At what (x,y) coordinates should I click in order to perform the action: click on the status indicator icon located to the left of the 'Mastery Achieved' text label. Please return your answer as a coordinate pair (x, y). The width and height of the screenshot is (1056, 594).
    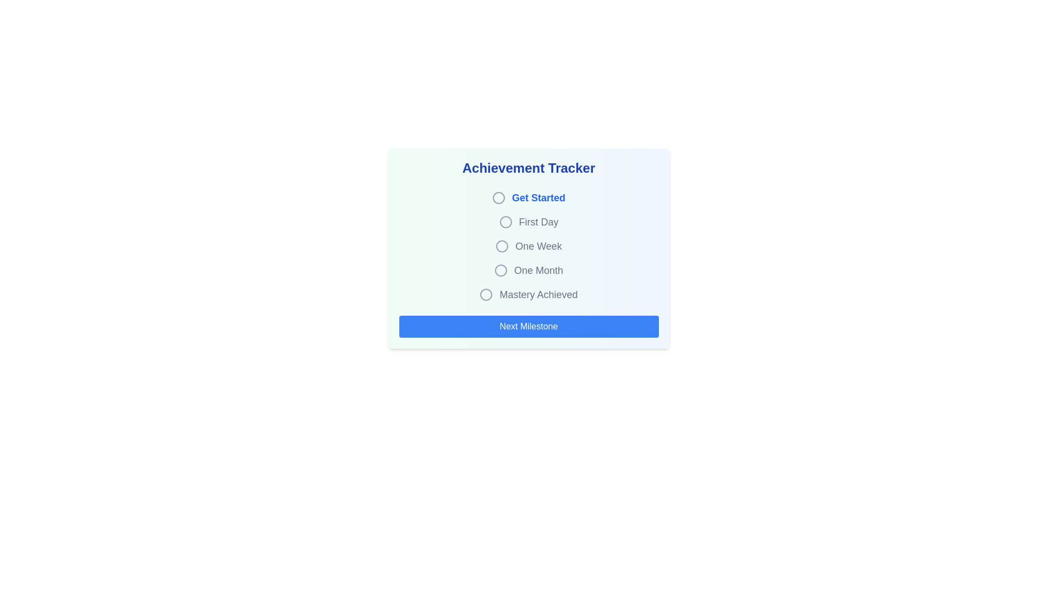
    Looking at the image, I should click on (486, 294).